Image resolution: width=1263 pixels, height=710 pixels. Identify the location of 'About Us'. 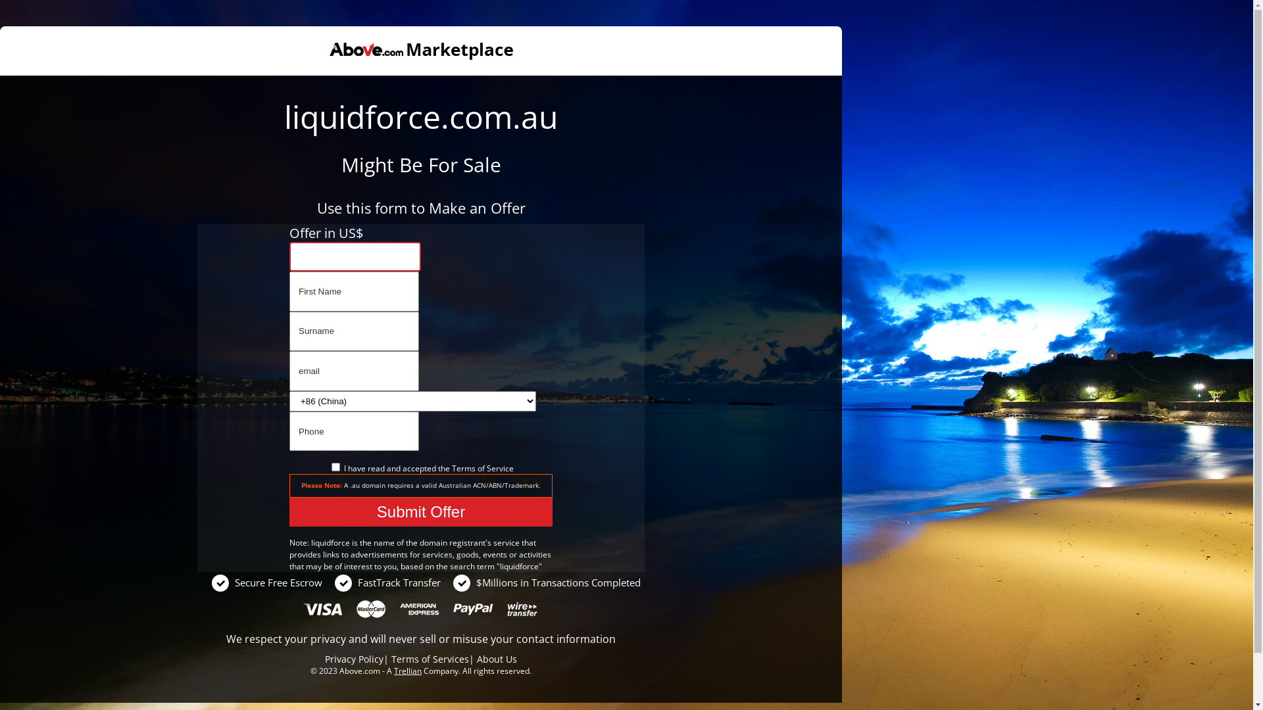
(496, 659).